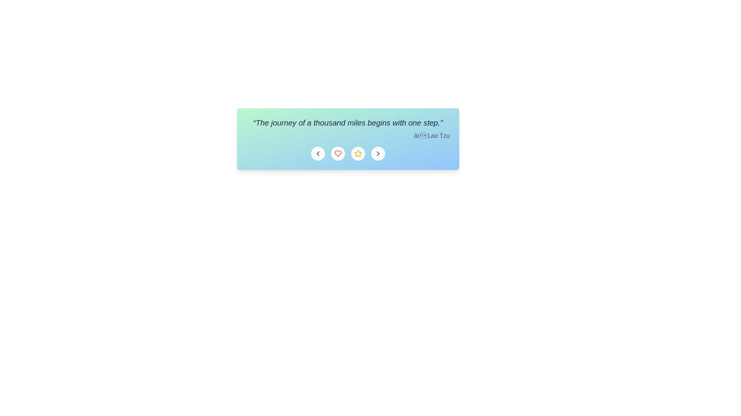  Describe the element at coordinates (378, 153) in the screenshot. I see `the rightward pointing gray arrow SVG icon located in the bottom-right area of the text card` at that location.